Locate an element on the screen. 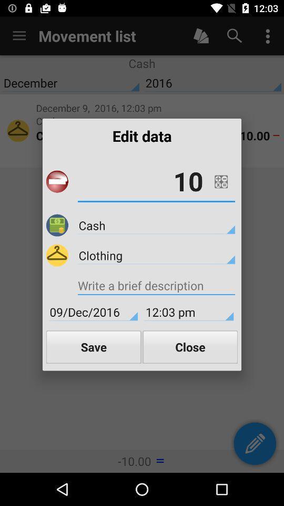 Image resolution: width=284 pixels, height=506 pixels. item at the bottom right corner is located at coordinates (189, 346).